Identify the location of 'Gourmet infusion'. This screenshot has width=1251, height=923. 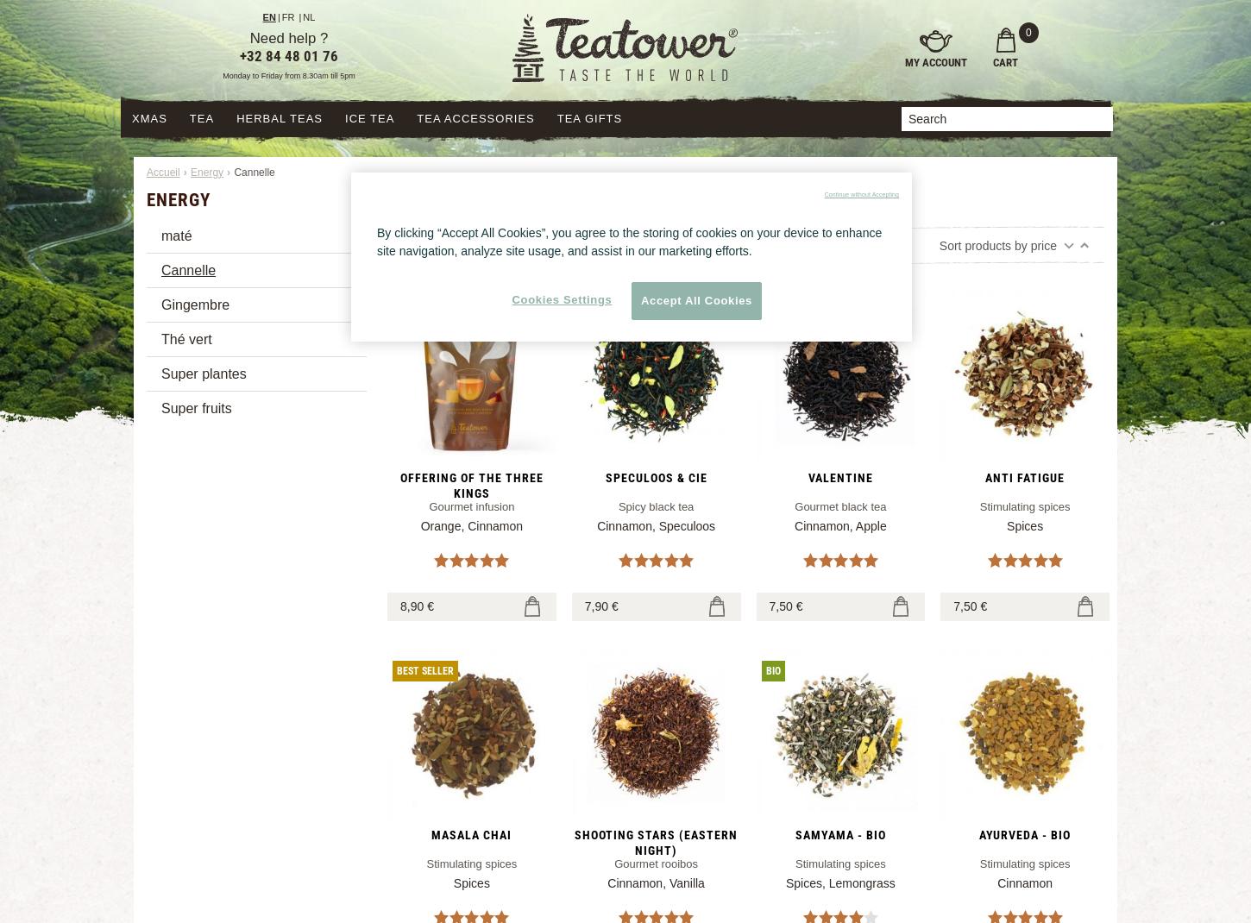
(471, 505).